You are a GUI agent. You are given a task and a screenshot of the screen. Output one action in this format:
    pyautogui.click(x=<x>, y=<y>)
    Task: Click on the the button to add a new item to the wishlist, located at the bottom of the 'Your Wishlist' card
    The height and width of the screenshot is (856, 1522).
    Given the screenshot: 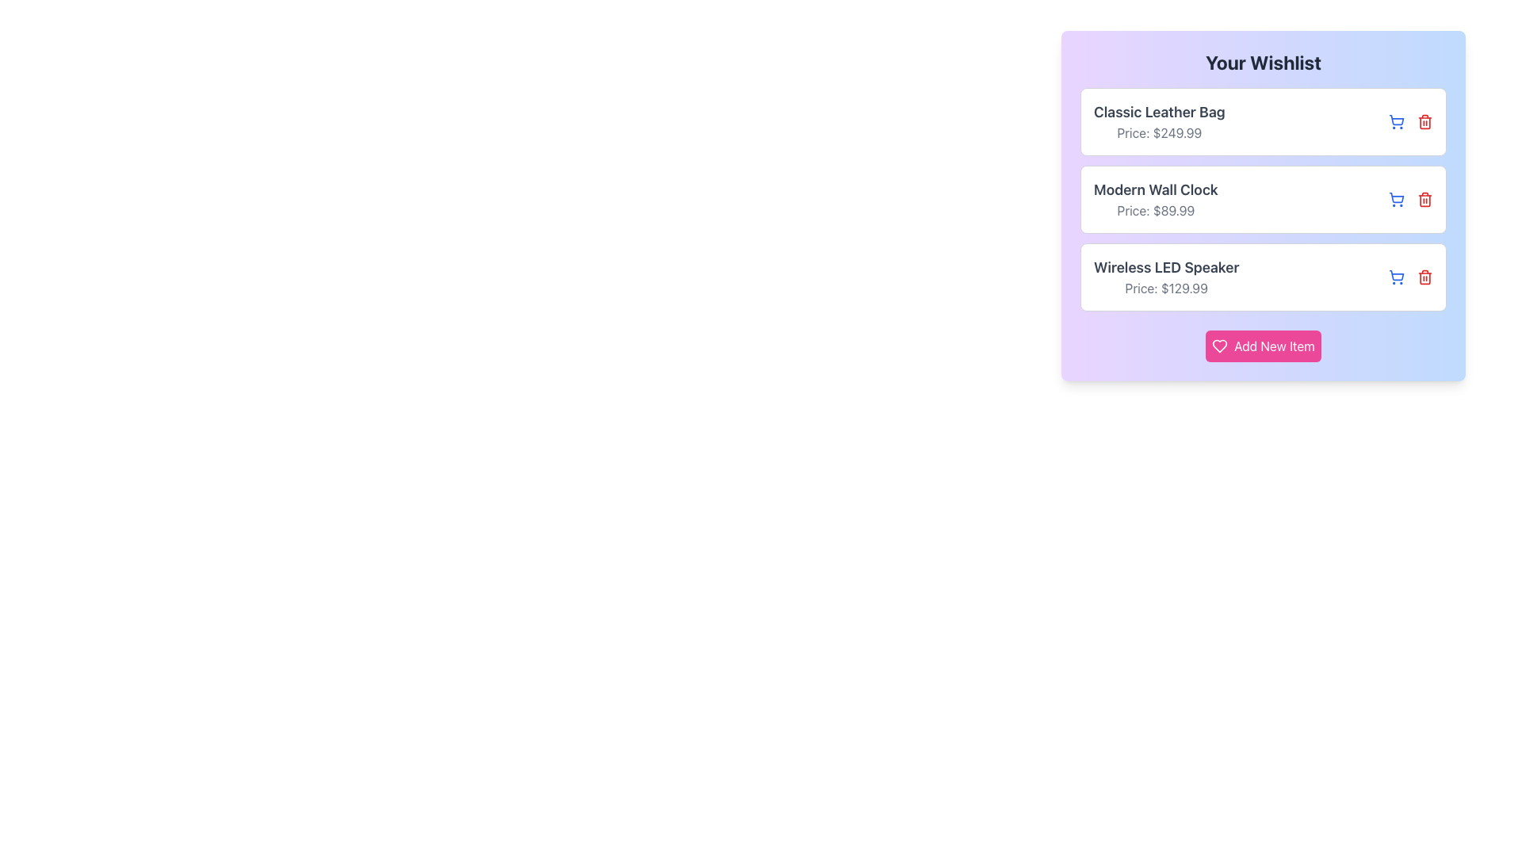 What is the action you would take?
    pyautogui.click(x=1262, y=345)
    